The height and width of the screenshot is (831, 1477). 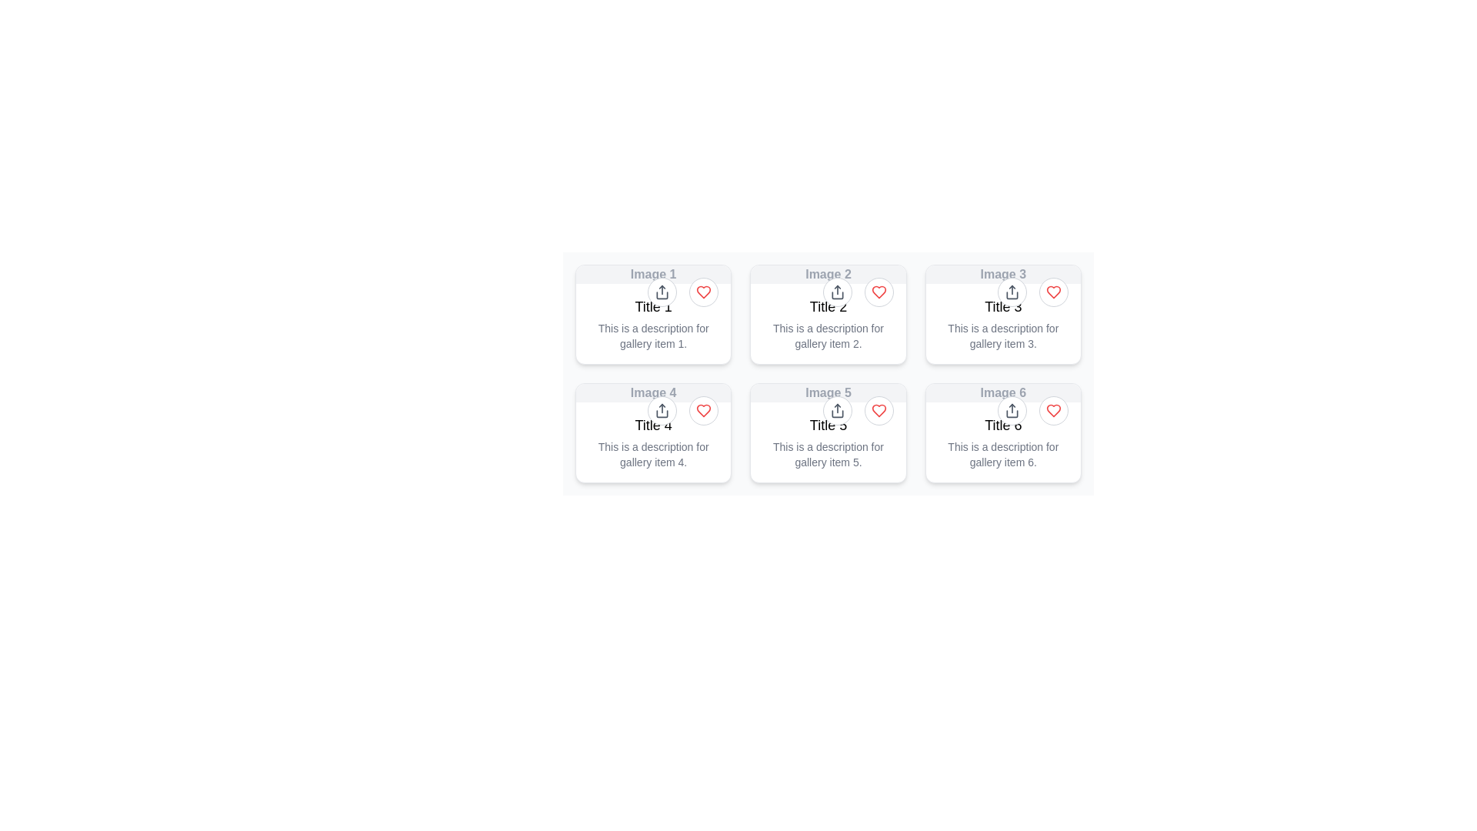 What do you see at coordinates (653, 322) in the screenshot?
I see `the Text Block containing the title 'Title 1' and the description 'This is a description for gallery item 1.', which is located in the top-left card of the grid layout` at bounding box center [653, 322].